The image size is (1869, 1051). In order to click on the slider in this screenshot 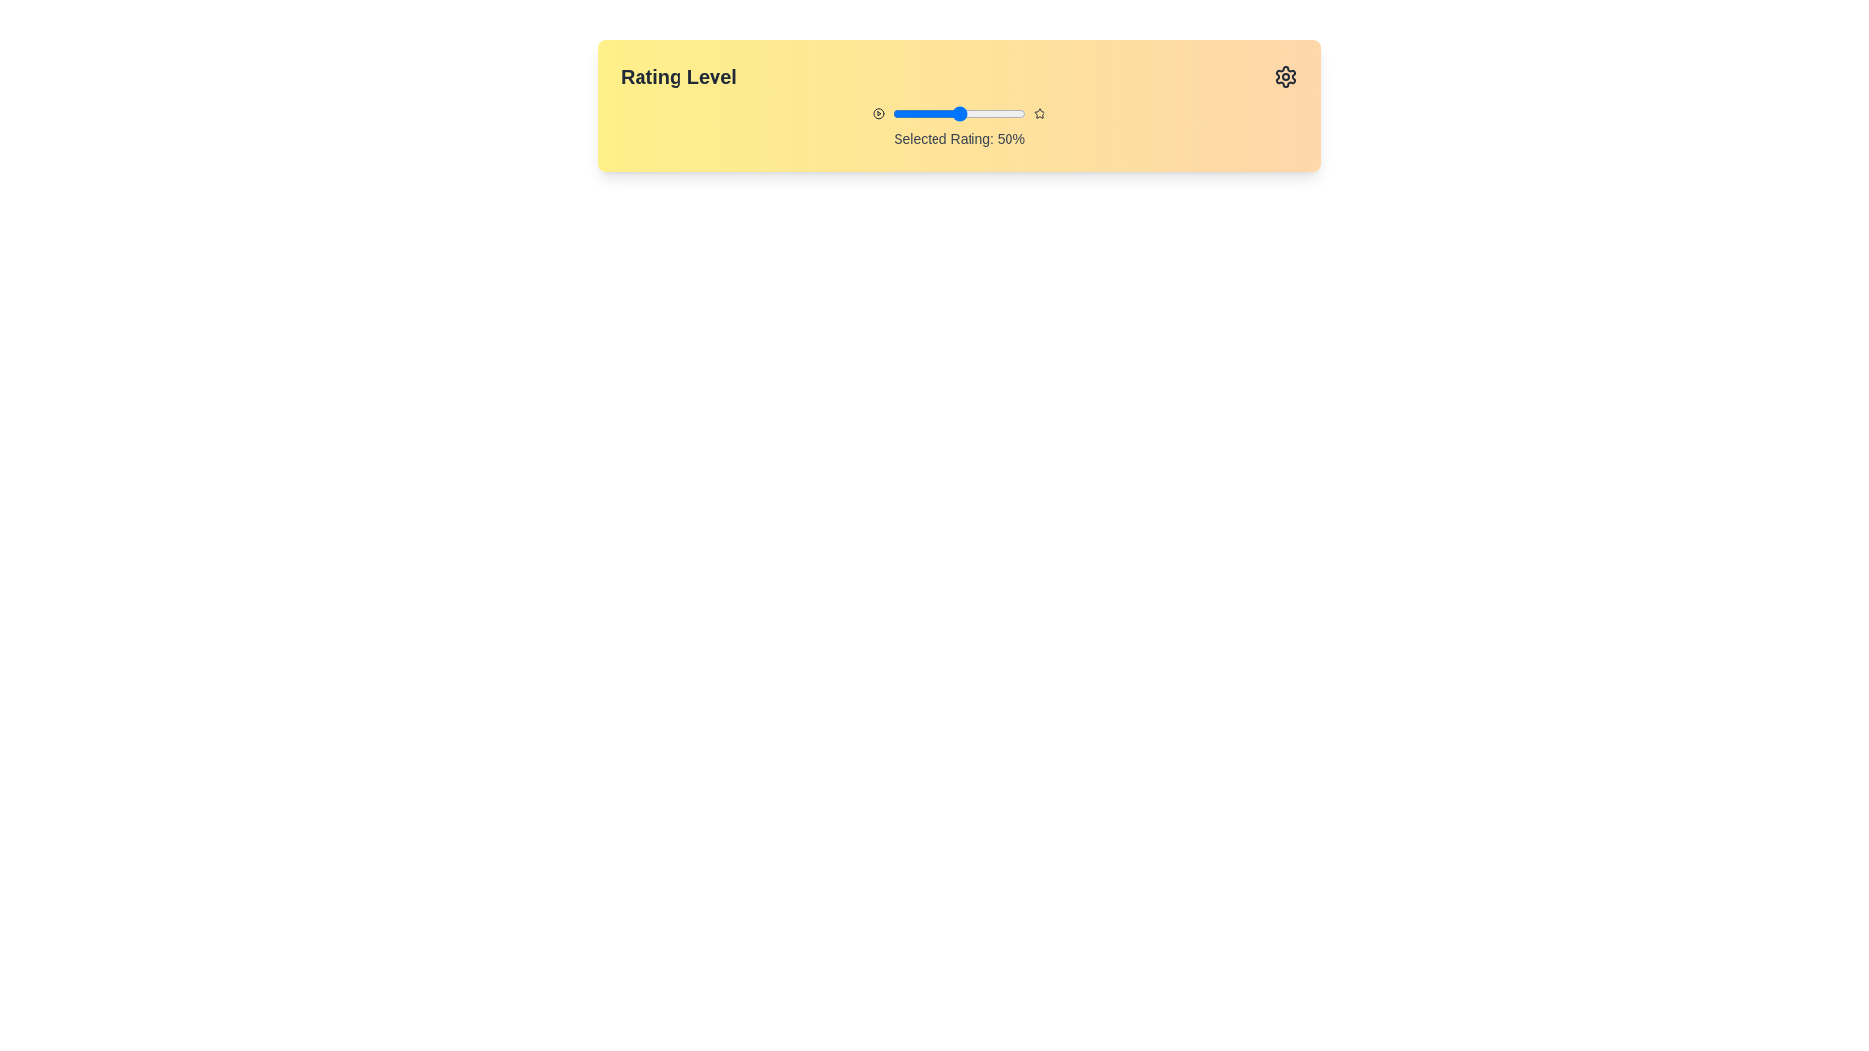, I will do `click(898, 113)`.